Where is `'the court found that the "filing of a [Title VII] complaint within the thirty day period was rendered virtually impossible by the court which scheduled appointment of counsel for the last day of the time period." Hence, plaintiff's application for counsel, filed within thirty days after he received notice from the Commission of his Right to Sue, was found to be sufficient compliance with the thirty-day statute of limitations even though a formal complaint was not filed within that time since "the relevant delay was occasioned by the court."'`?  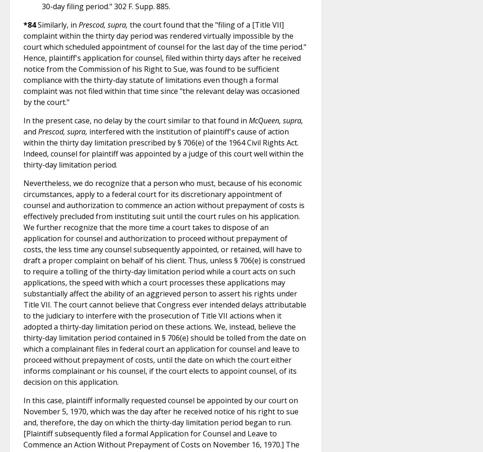 'the court found that the "filing of a [Title VII] complaint within the thirty day period was rendered virtually impossible by the court which scheduled appointment of counsel for the last day of the time period." Hence, plaintiff's application for counsel, filed within thirty days after he received notice from the Commission of his Right to Sue, was found to be sufficient compliance with the thirty-day statute of limitations even though a formal complaint was not filed within that time since "the relevant delay was occasioned by the court."' is located at coordinates (164, 62).